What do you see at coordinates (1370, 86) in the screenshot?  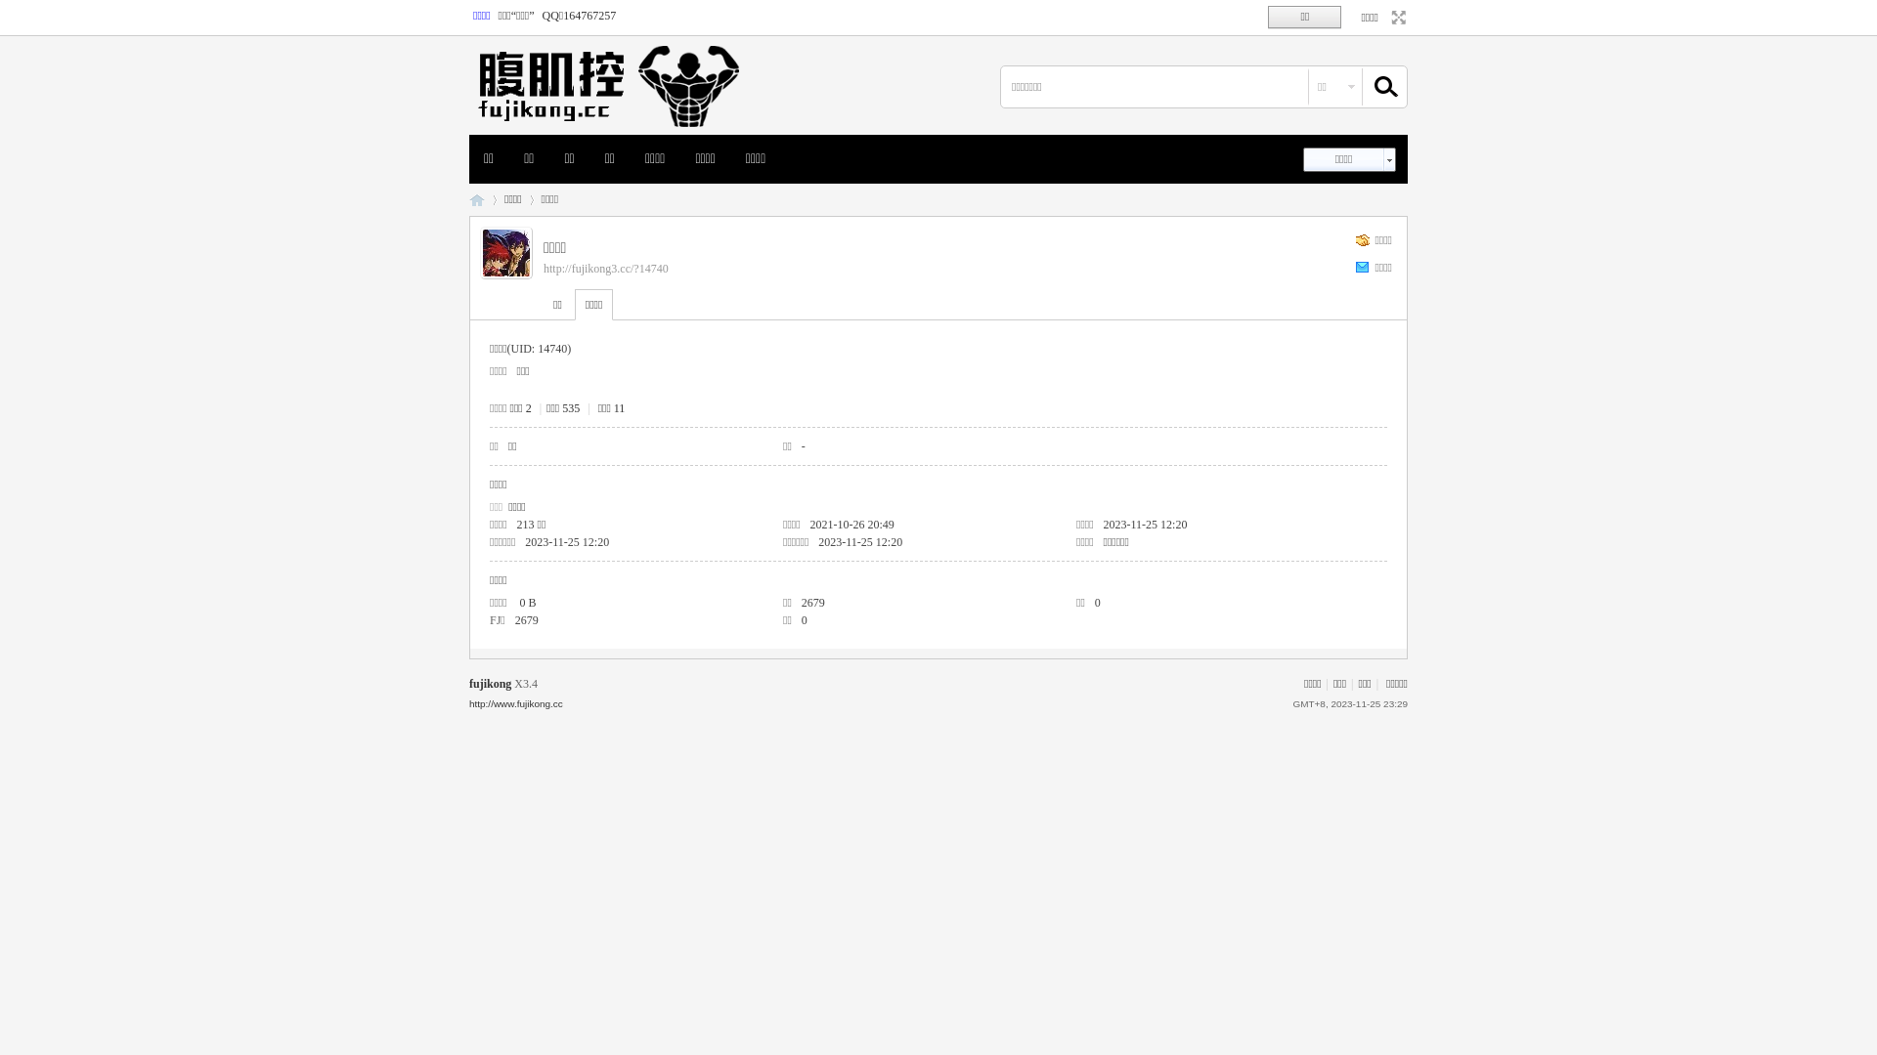 I see `'true'` at bounding box center [1370, 86].